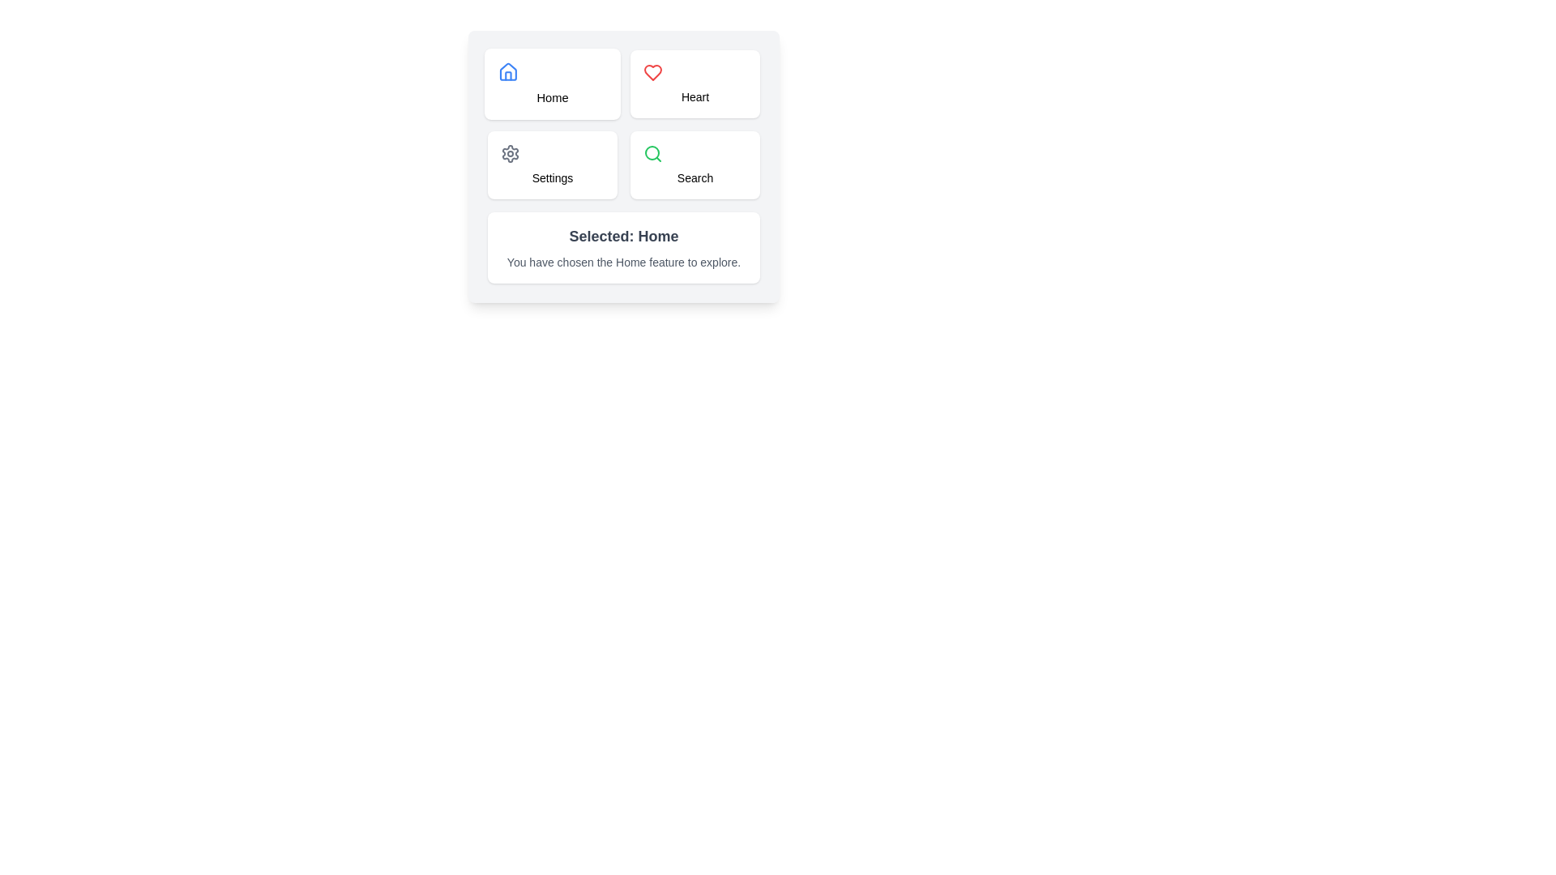  I want to click on the heart-shaped icon outlined in red located in the 'Heart' button at the top-right corner of the grid of buttons, so click(653, 71).